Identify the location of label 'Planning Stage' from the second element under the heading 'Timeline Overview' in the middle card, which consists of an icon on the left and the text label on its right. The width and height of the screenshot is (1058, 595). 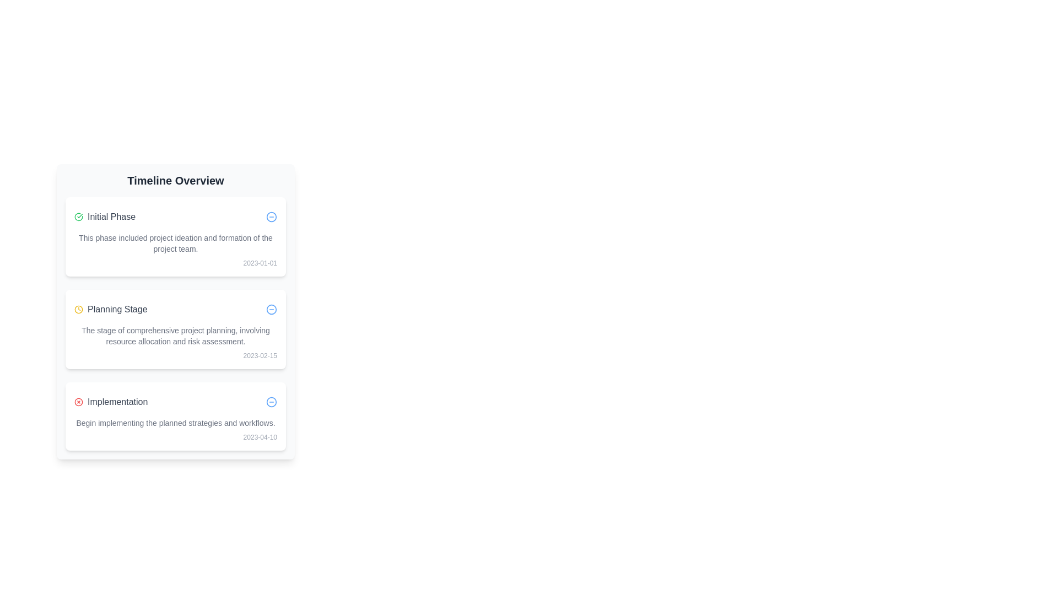
(111, 310).